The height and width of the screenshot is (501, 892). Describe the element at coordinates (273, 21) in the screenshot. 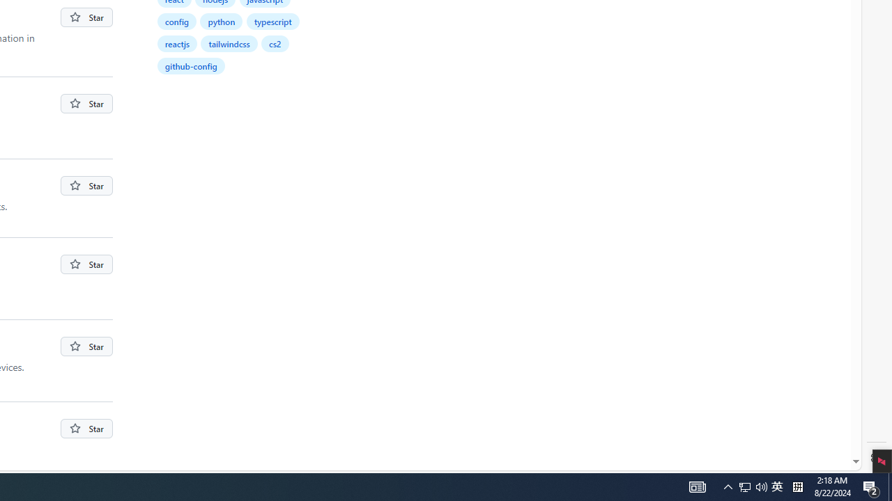

I see `'typescript'` at that location.